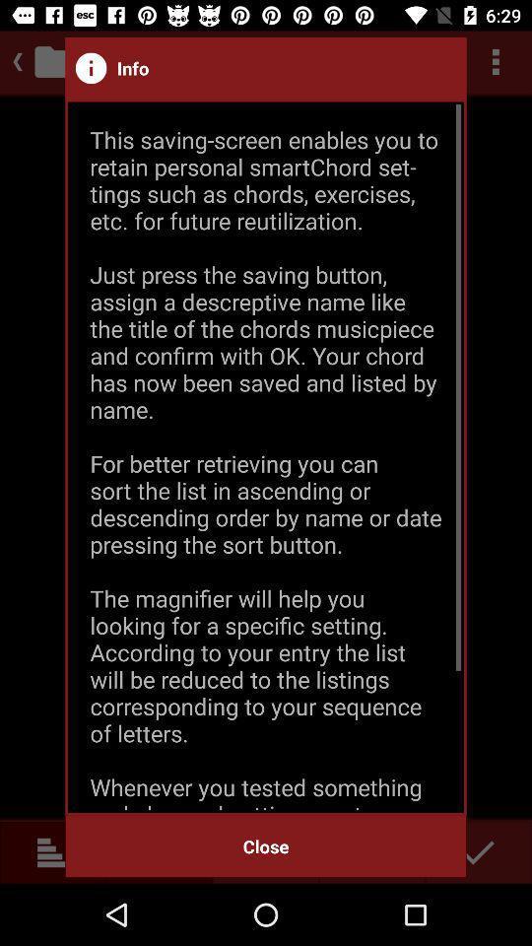  What do you see at coordinates (266, 457) in the screenshot?
I see `the icon at the center` at bounding box center [266, 457].